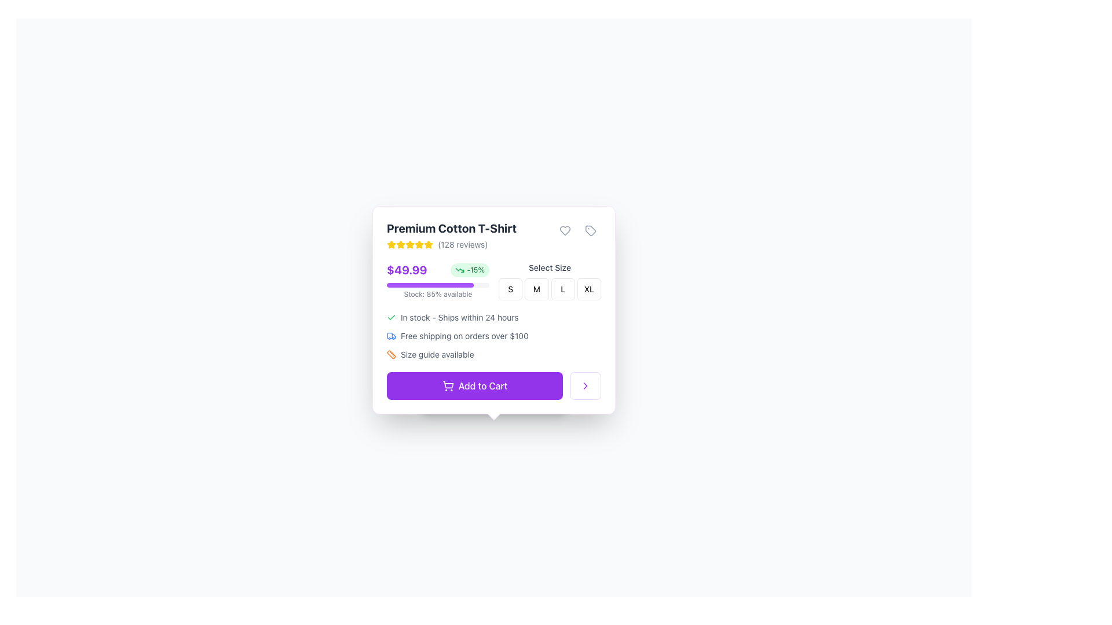 This screenshot has width=1112, height=625. I want to click on the fifth star icon in the rating system to interact with the product rating, so click(427, 244).